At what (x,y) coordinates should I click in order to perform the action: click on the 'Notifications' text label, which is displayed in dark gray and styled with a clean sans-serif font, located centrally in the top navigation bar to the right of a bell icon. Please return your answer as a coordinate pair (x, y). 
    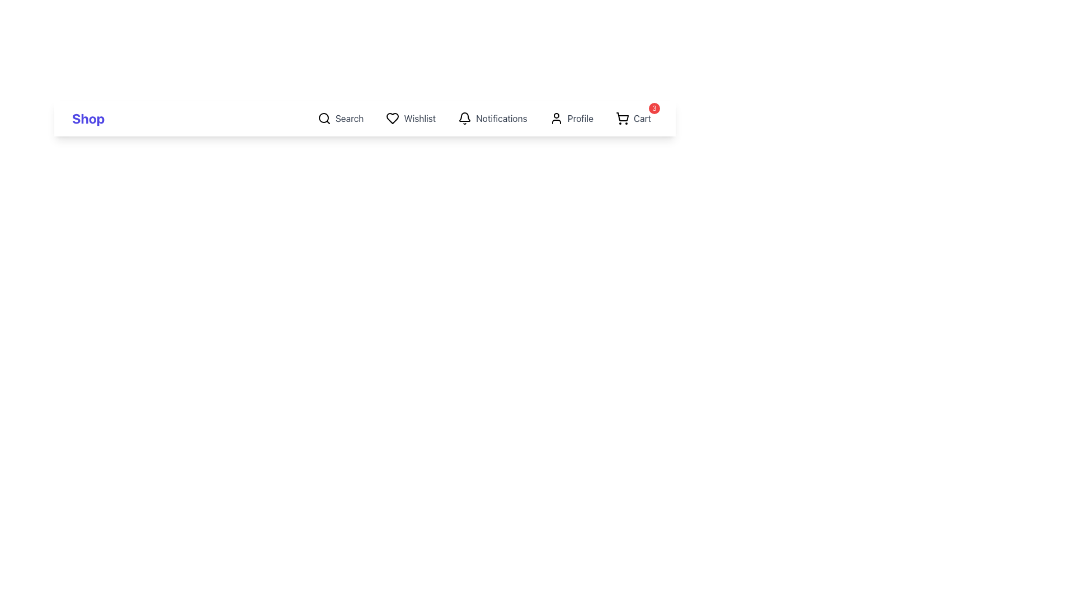
    Looking at the image, I should click on (501, 119).